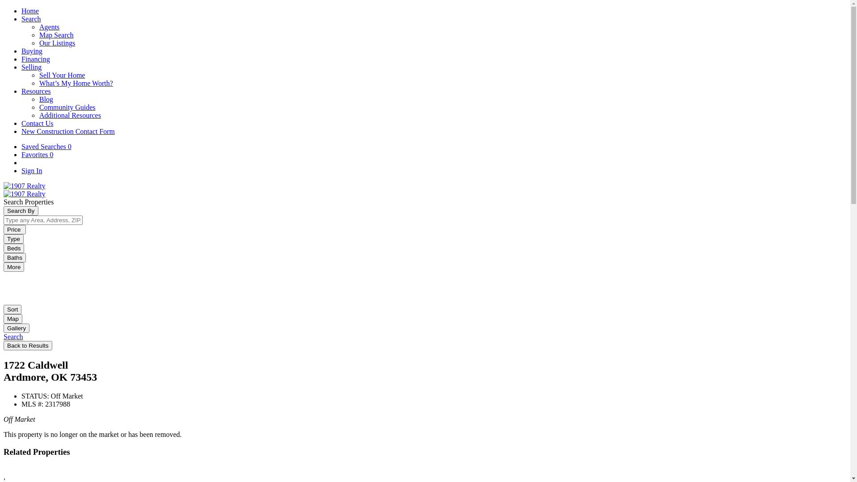 Image resolution: width=857 pixels, height=482 pixels. Describe the element at coordinates (36, 59) in the screenshot. I see `'Financing'` at that location.